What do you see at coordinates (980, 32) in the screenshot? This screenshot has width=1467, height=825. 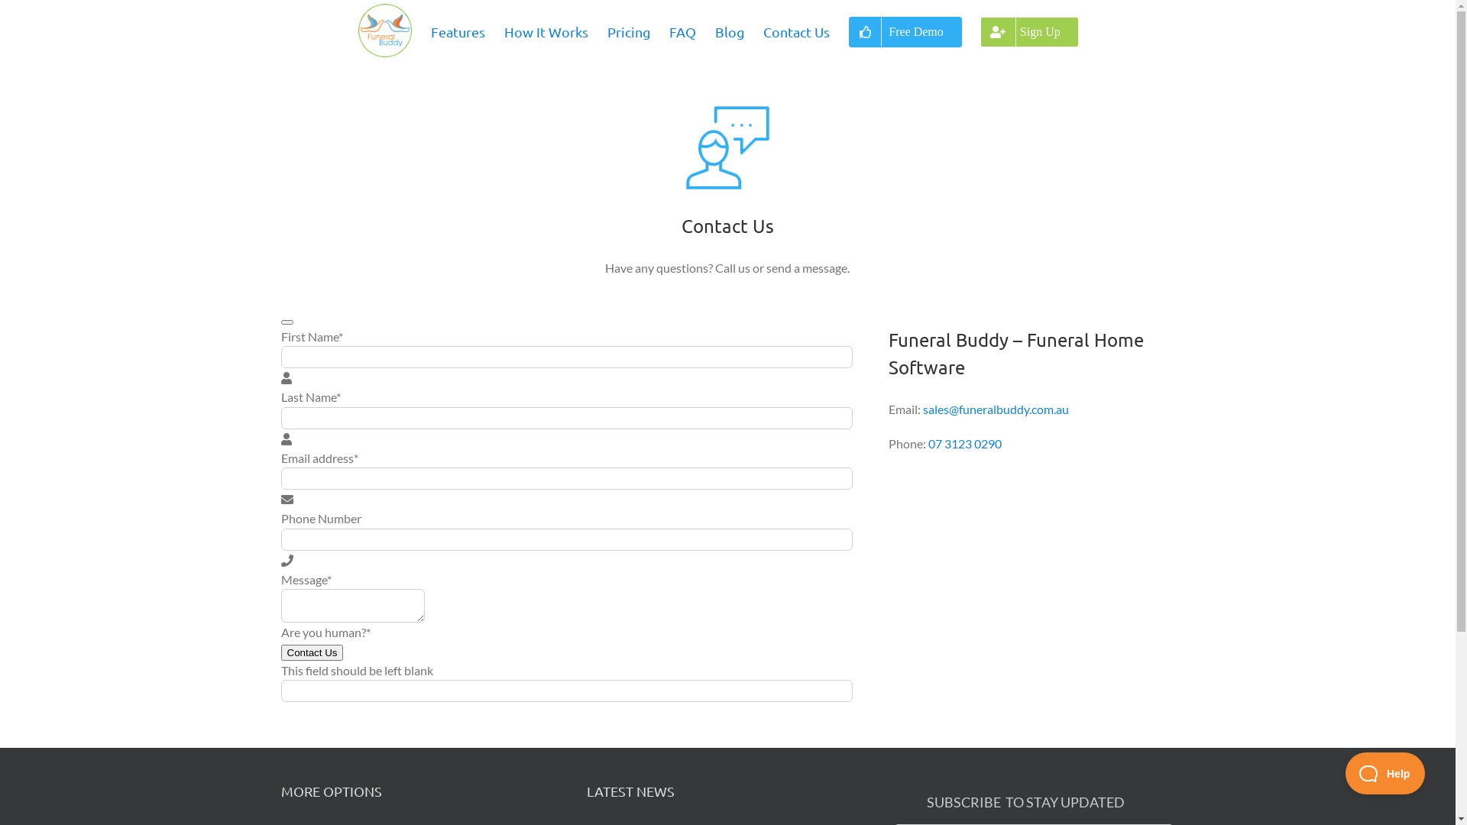 I see `'Sign Up'` at bounding box center [980, 32].